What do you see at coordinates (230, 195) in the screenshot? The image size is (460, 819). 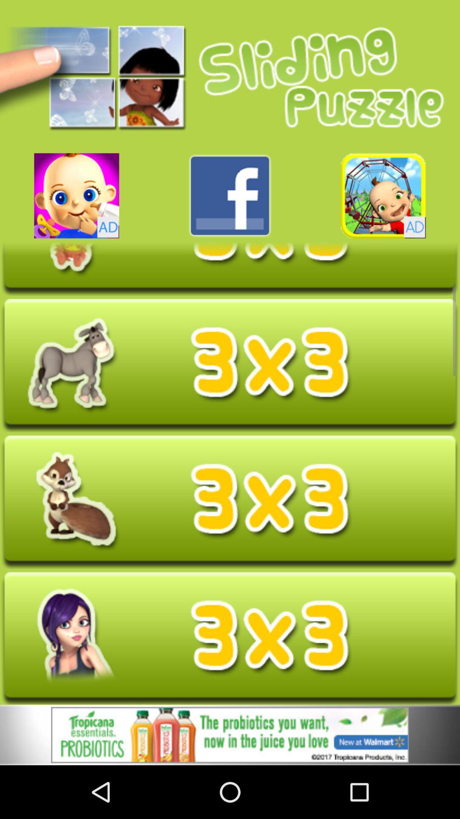 I see `sign in with facebook` at bounding box center [230, 195].